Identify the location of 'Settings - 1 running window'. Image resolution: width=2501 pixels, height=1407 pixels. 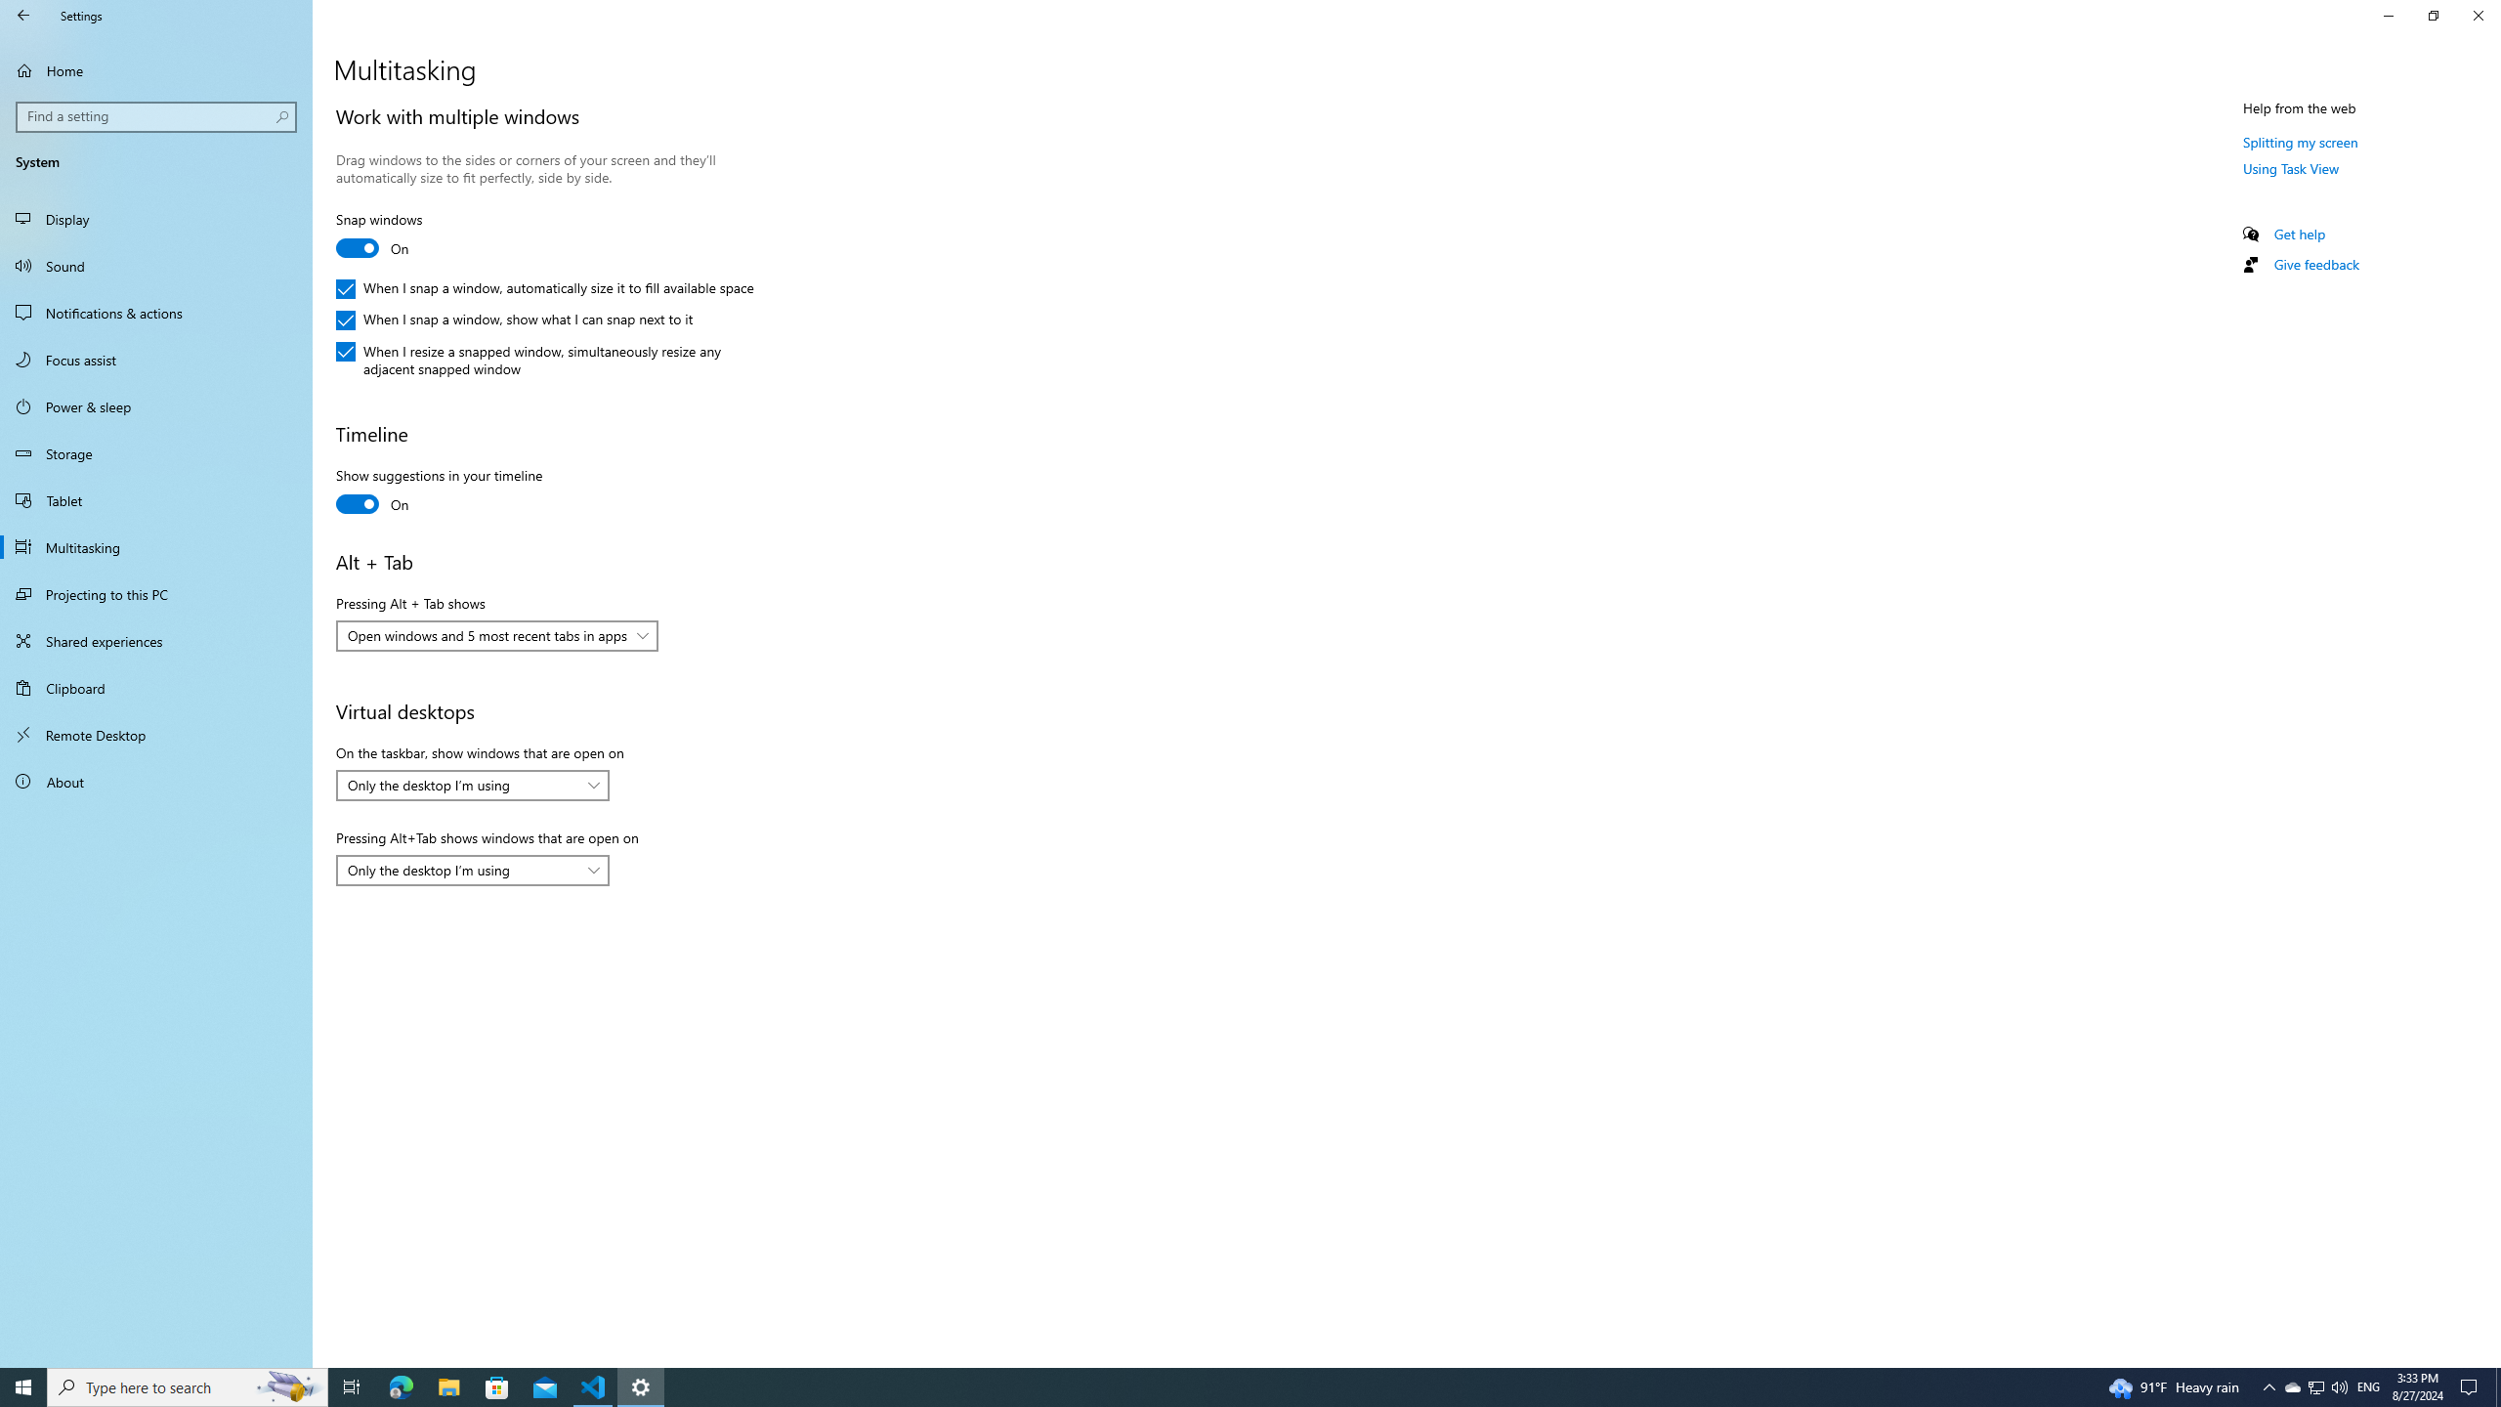
(641, 1386).